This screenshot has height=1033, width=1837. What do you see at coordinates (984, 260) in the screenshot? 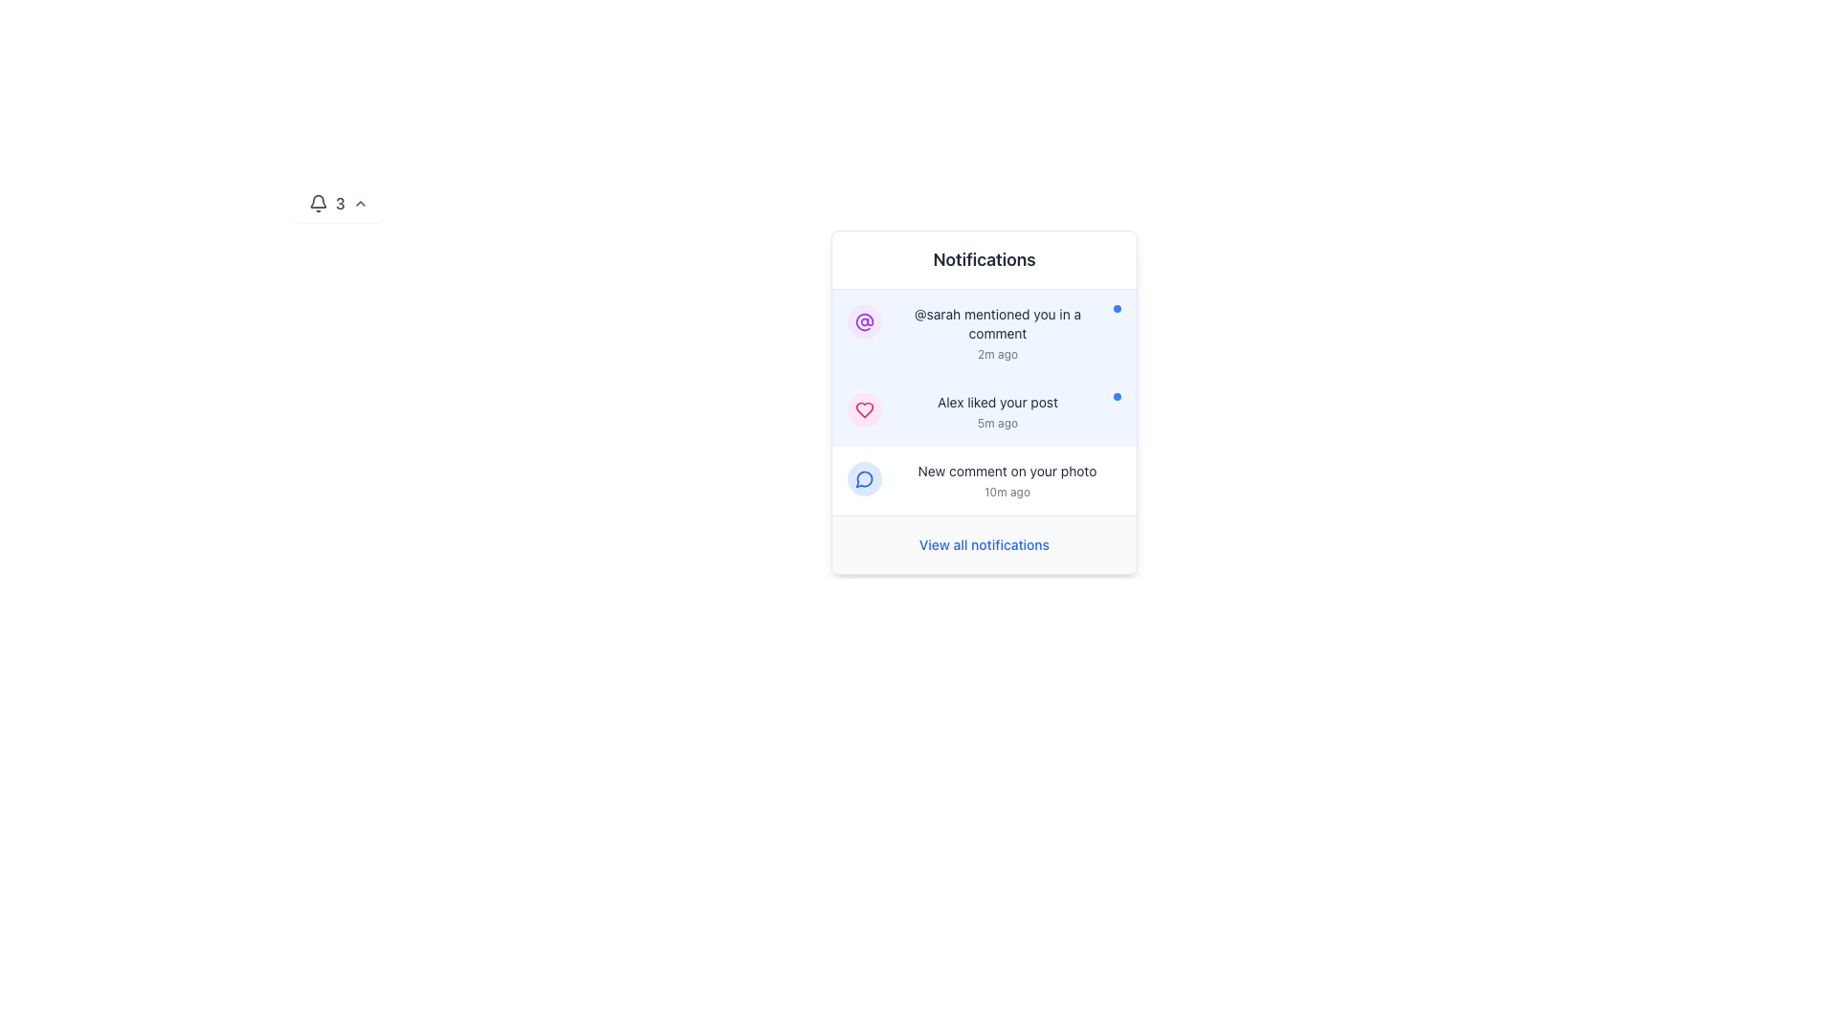
I see `the header text located at the top center of the notification panel, which is styled with a border and padding` at bounding box center [984, 260].